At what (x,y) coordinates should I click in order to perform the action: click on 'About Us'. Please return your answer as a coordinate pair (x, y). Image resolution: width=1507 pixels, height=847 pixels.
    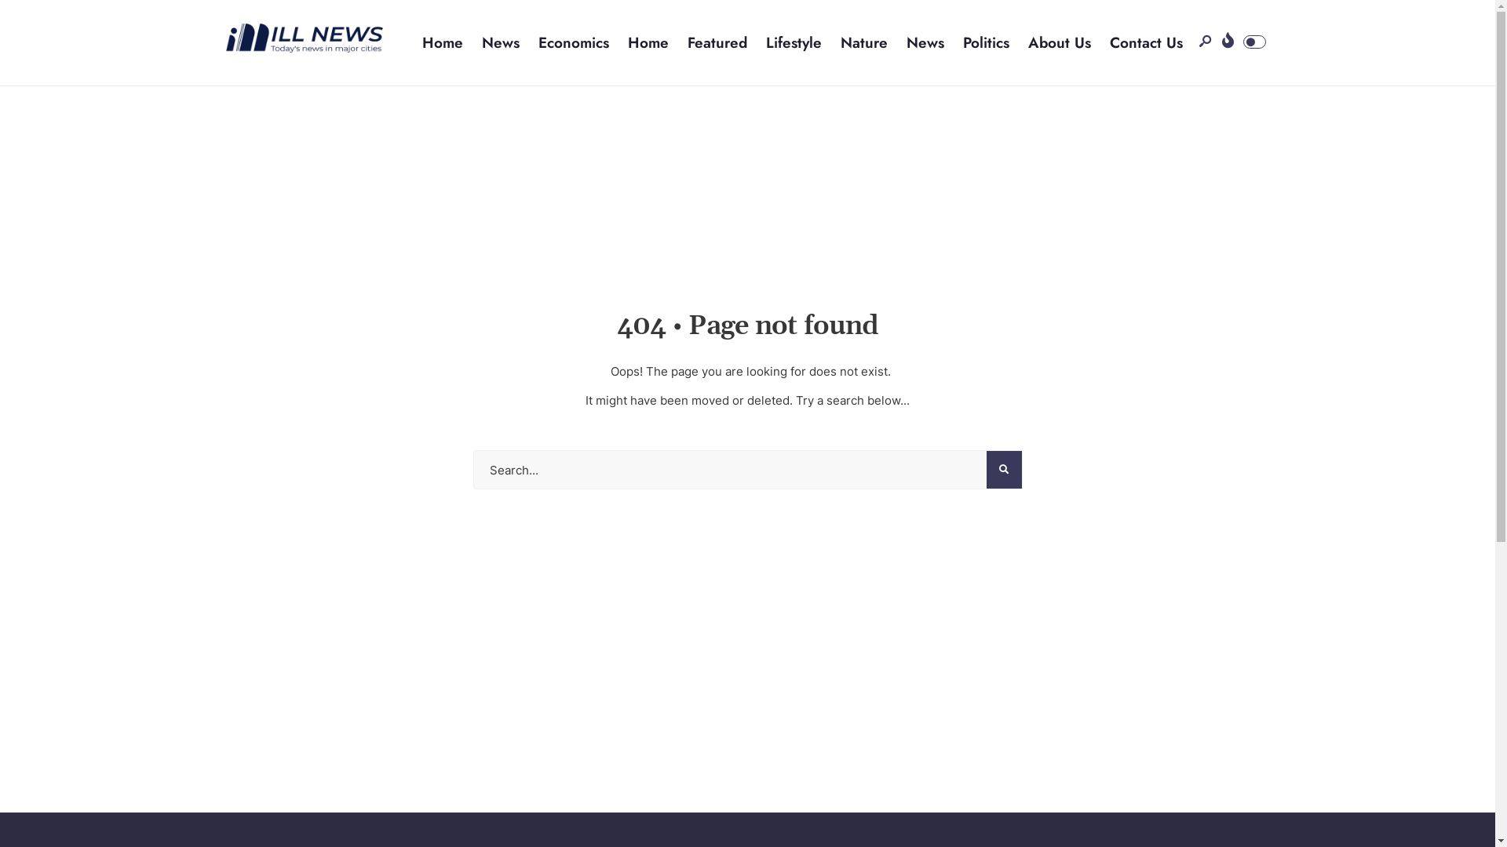
    Looking at the image, I should click on (1059, 42).